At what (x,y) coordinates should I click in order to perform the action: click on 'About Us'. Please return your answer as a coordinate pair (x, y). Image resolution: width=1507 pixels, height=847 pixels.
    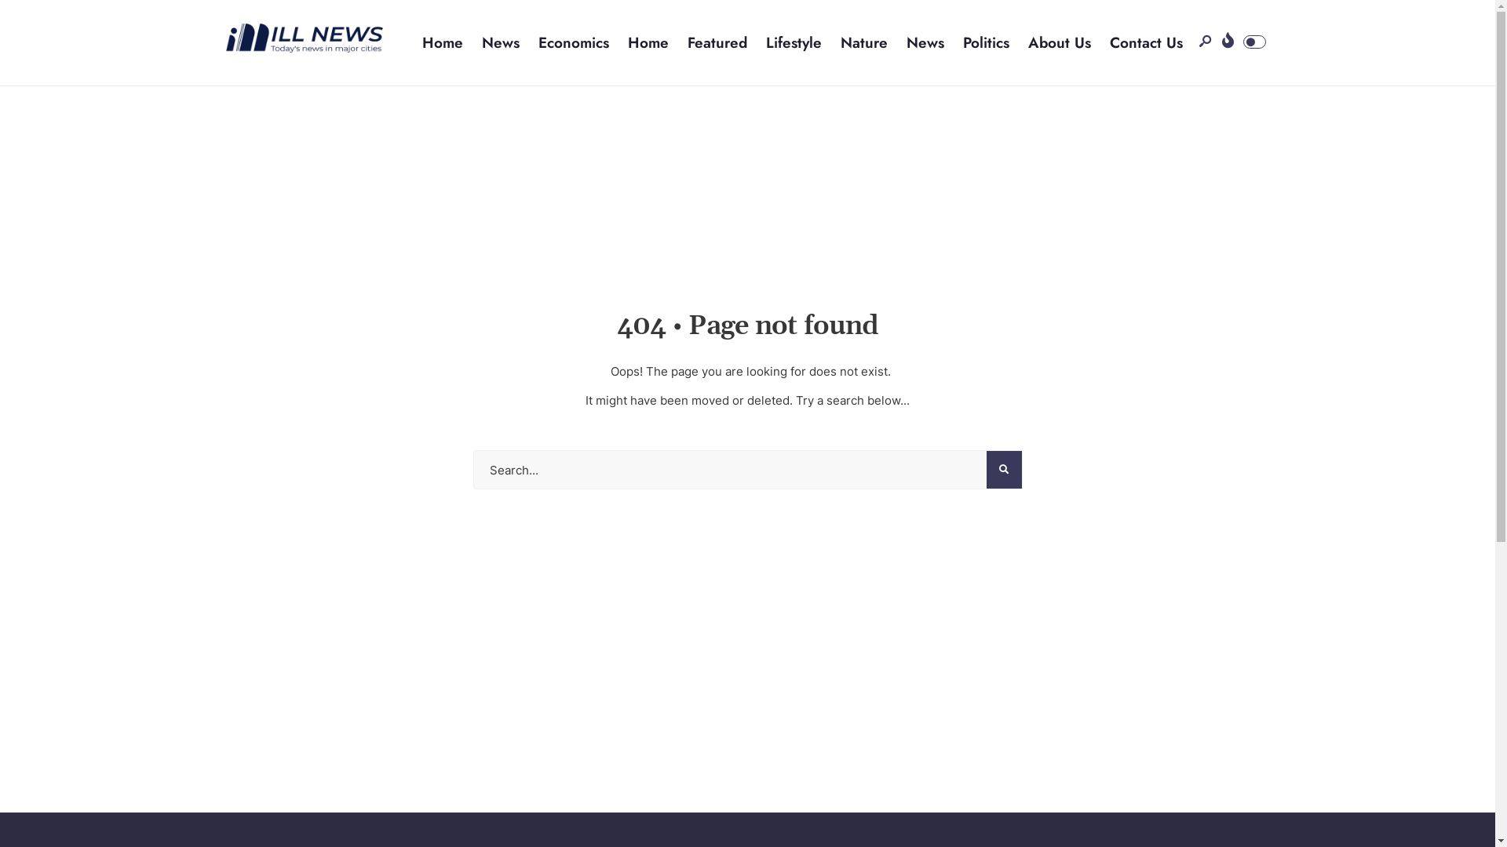
    Looking at the image, I should click on (1059, 42).